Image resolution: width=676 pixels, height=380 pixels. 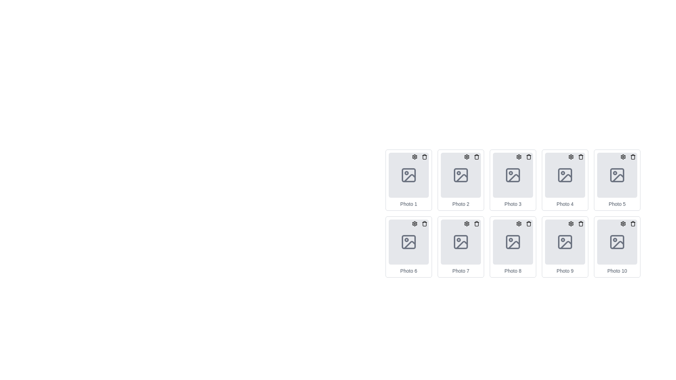 What do you see at coordinates (424, 224) in the screenshot?
I see `the delete button located in the top-right corner of the 'Photo 6' card` at bounding box center [424, 224].